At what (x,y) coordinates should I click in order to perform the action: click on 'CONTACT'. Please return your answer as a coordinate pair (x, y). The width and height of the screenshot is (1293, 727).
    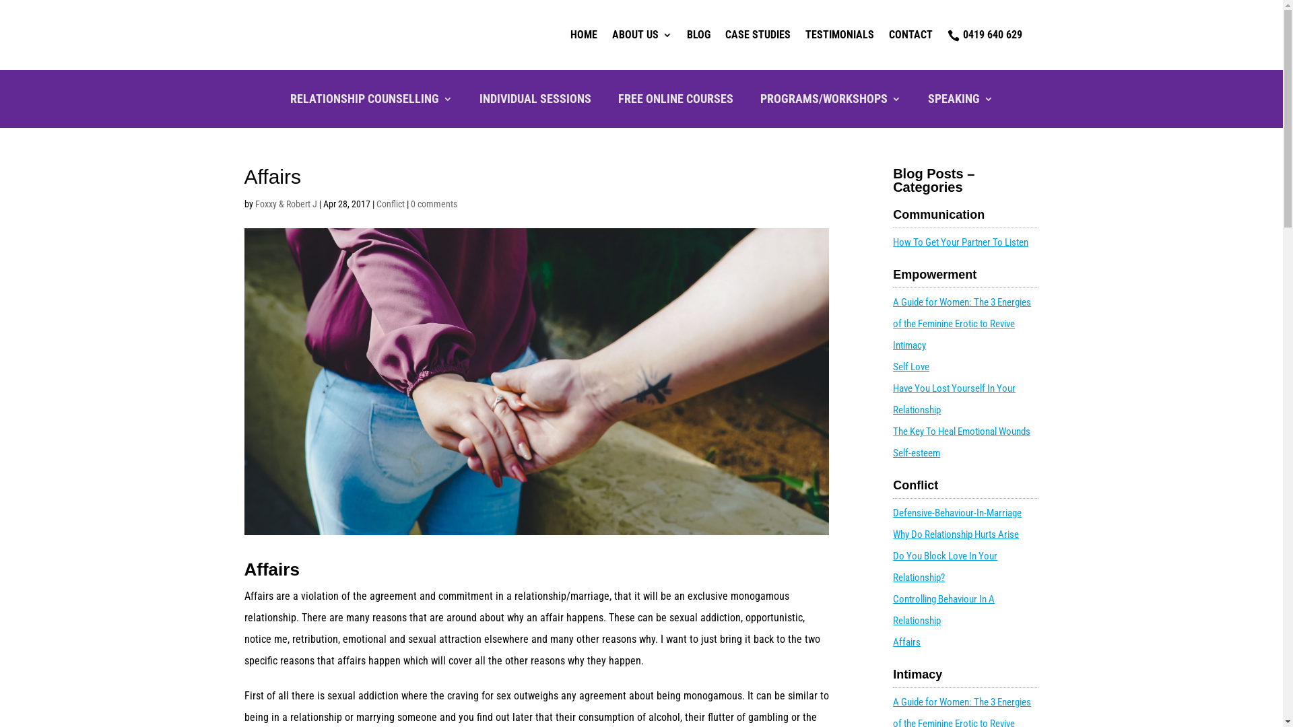
    Looking at the image, I should click on (910, 34).